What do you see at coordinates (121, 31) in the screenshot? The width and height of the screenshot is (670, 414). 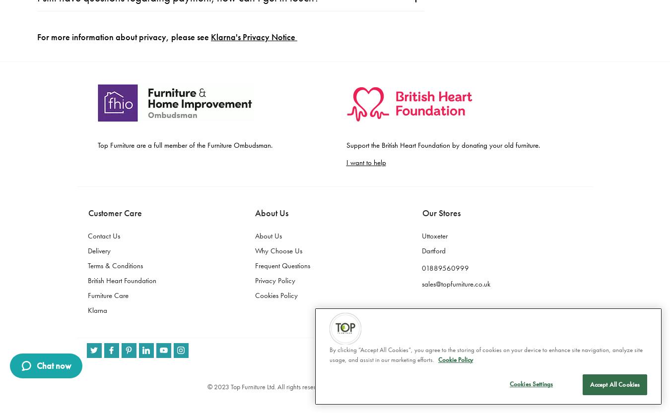 I see `'British Heart Foundation'` at bounding box center [121, 31].